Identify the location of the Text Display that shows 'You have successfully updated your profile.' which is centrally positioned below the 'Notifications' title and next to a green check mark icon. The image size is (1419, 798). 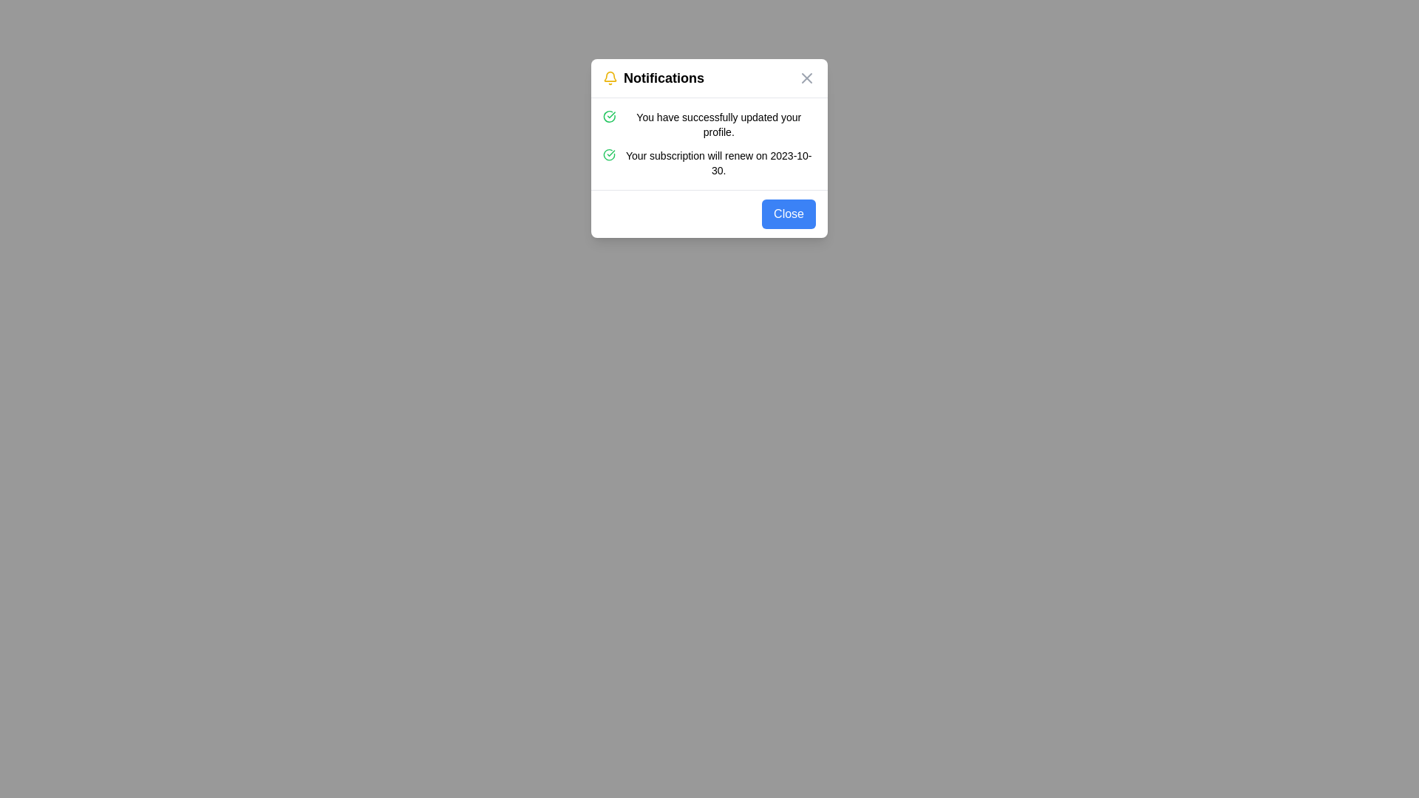
(718, 124).